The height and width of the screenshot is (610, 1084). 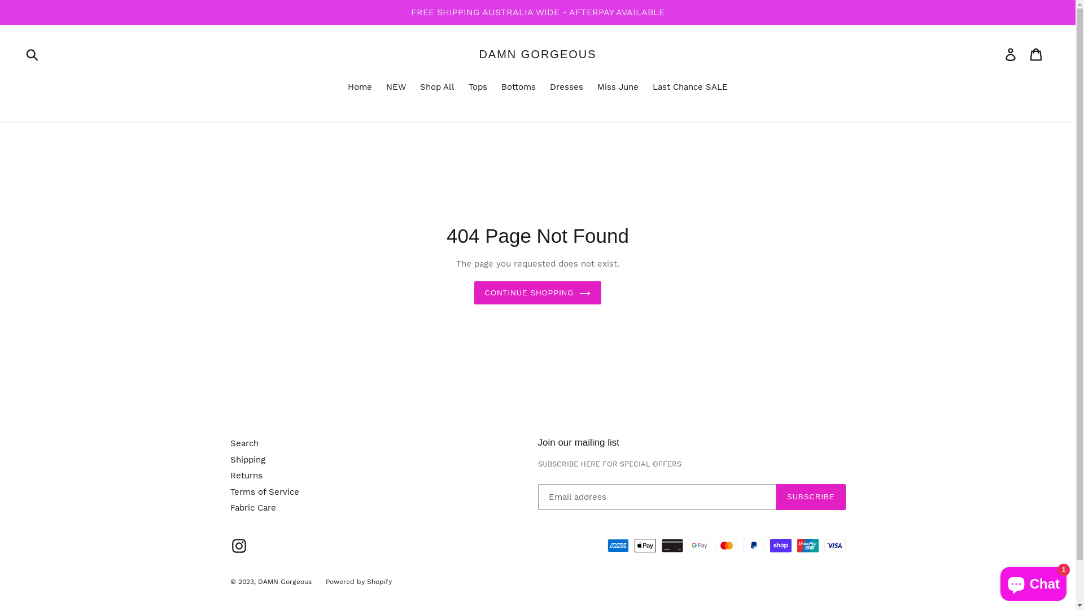 I want to click on 'Cart', so click(x=1037, y=54).